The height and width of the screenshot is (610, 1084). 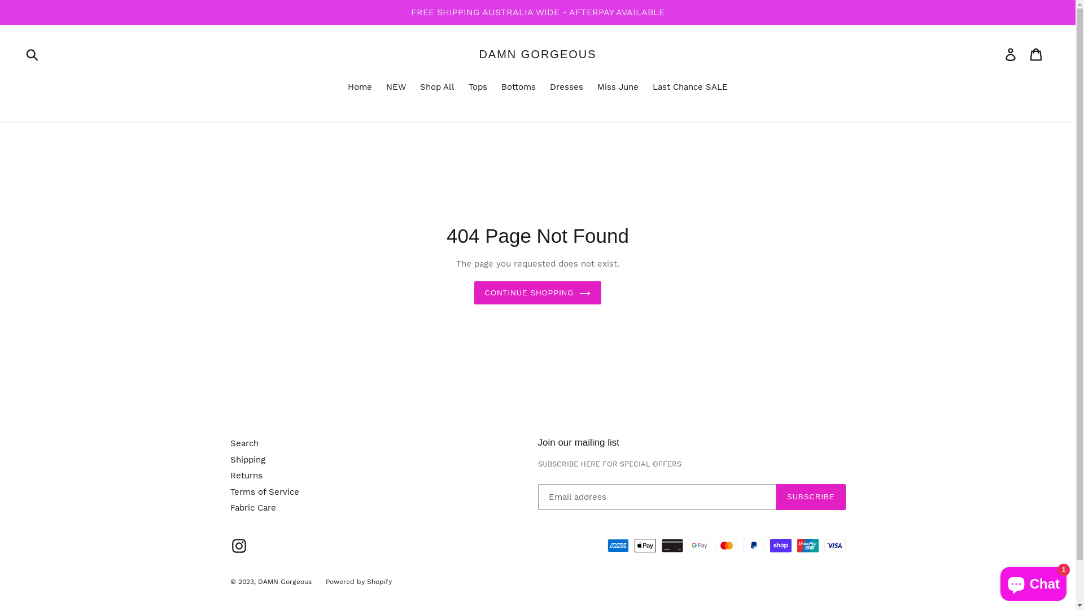 I want to click on 'Cart', so click(x=1037, y=54).